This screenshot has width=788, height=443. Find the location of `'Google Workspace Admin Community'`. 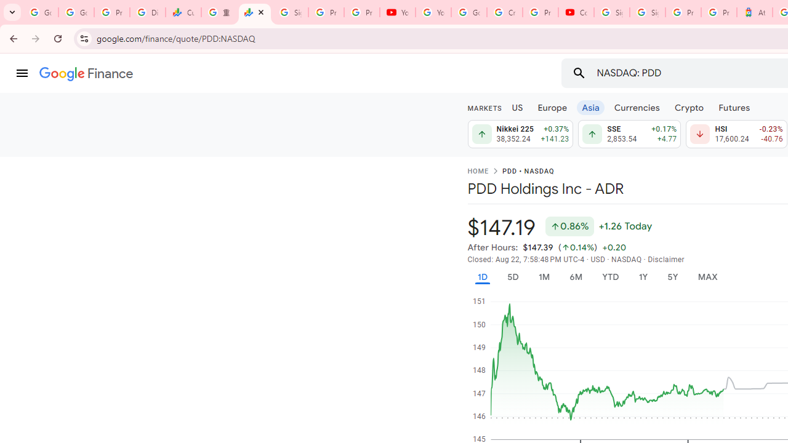

'Google Workspace Admin Community' is located at coordinates (40, 12).